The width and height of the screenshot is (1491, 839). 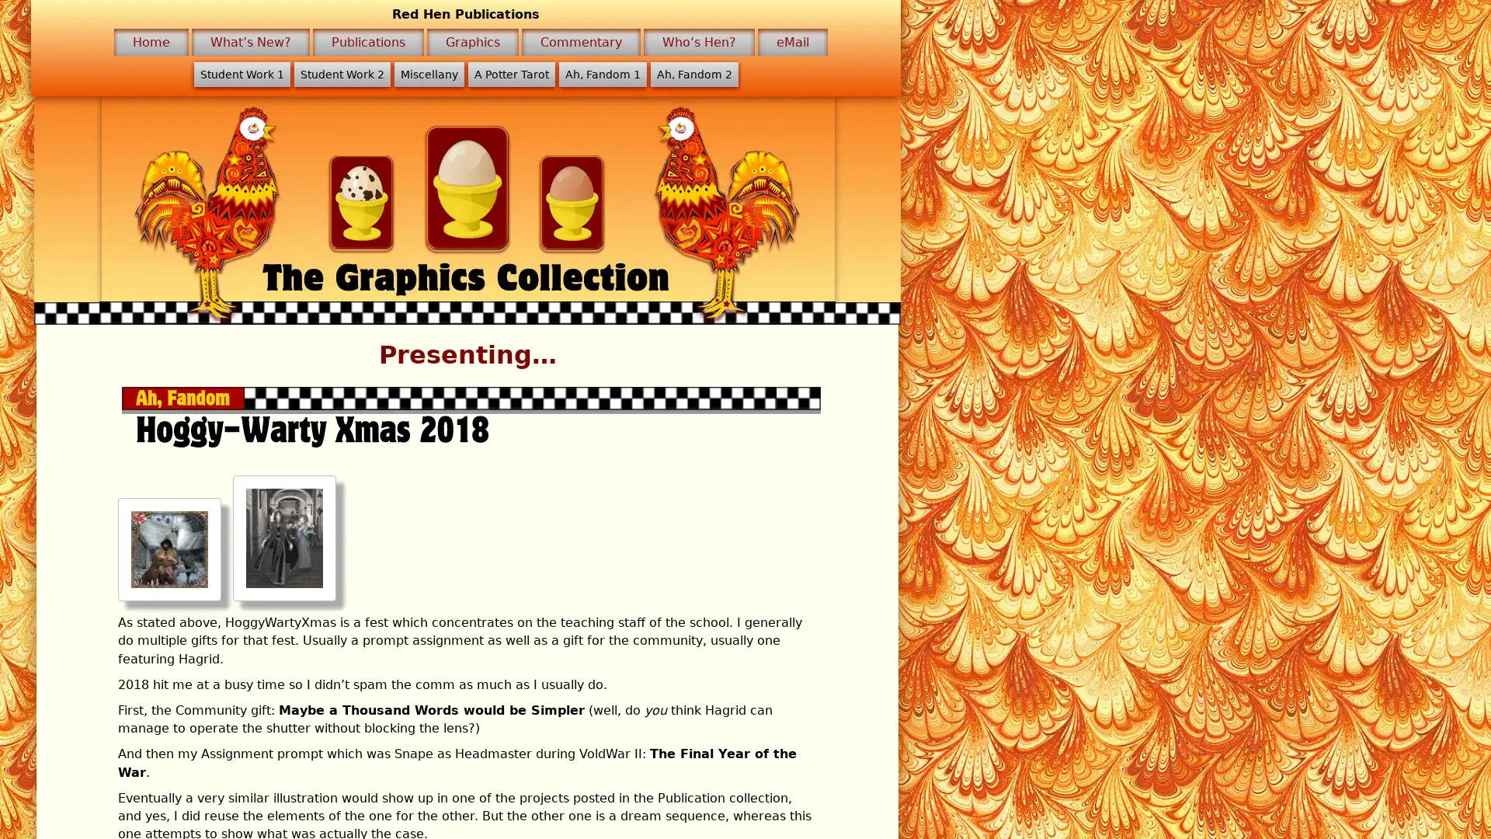 What do you see at coordinates (429, 75) in the screenshot?
I see `Miscellany` at bounding box center [429, 75].